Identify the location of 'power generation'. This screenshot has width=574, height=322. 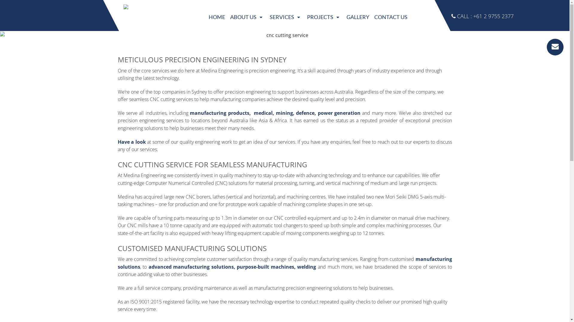
(339, 113).